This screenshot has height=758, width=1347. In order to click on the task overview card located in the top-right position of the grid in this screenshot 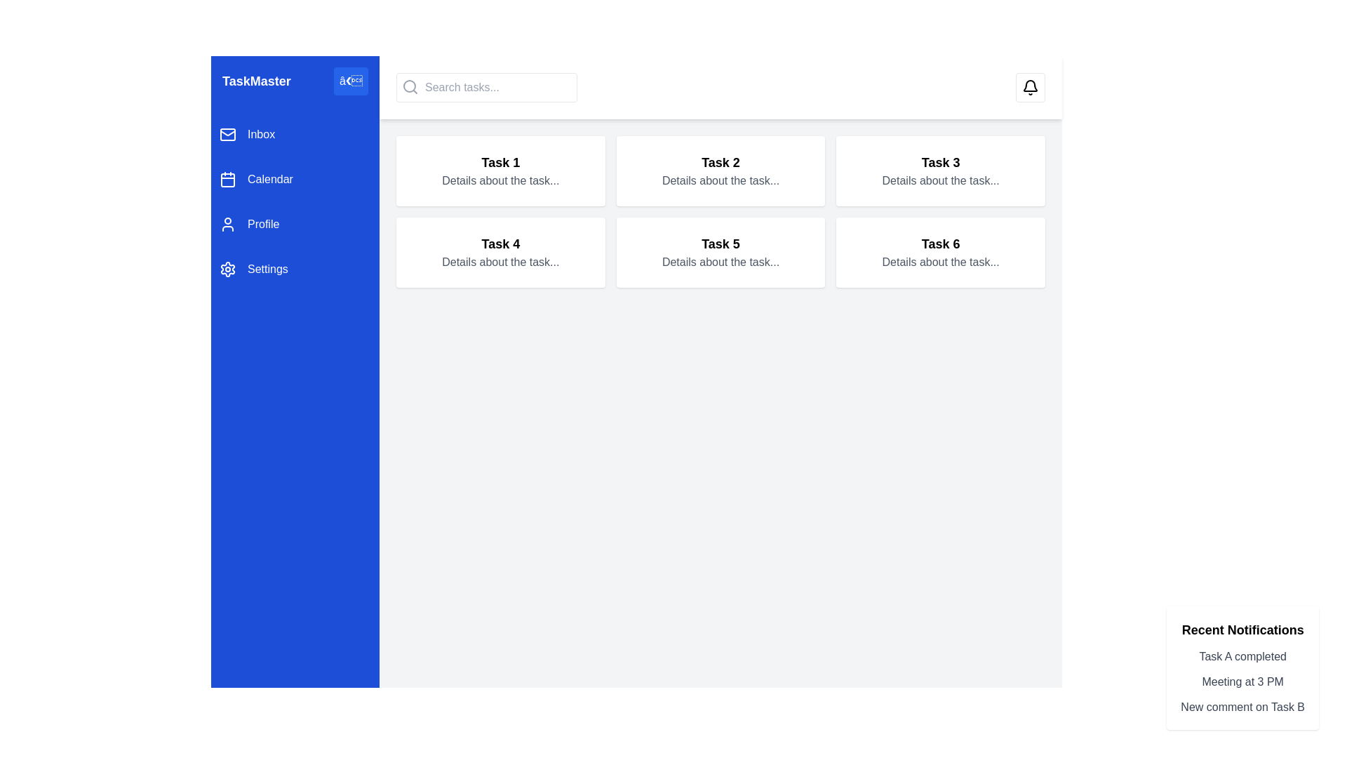, I will do `click(941, 170)`.